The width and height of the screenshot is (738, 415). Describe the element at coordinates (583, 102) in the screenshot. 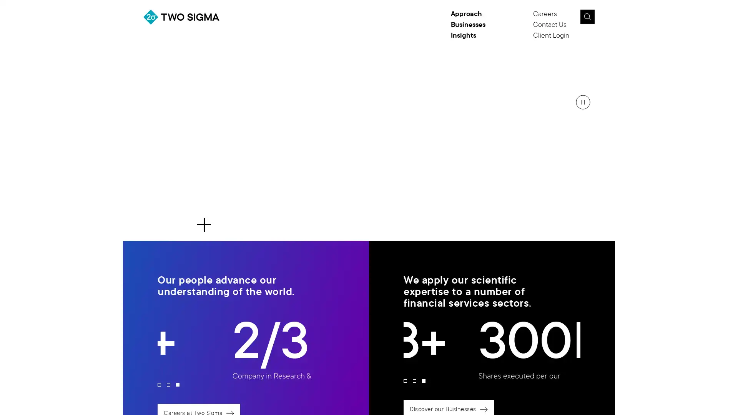

I see `Pause` at that location.